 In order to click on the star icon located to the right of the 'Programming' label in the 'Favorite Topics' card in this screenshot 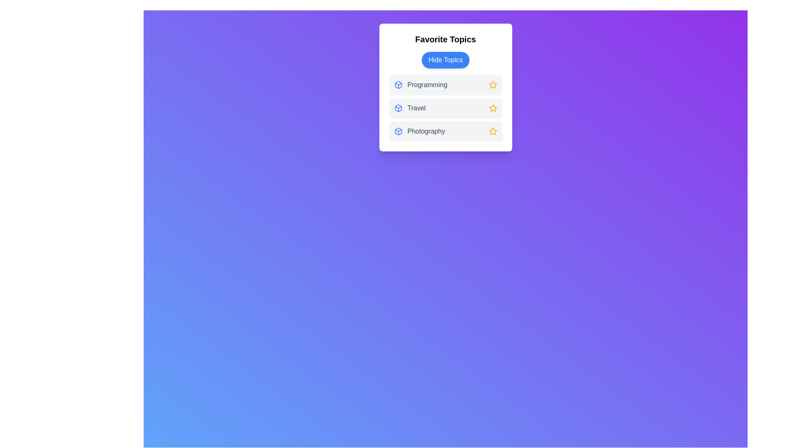, I will do `click(493, 85)`.